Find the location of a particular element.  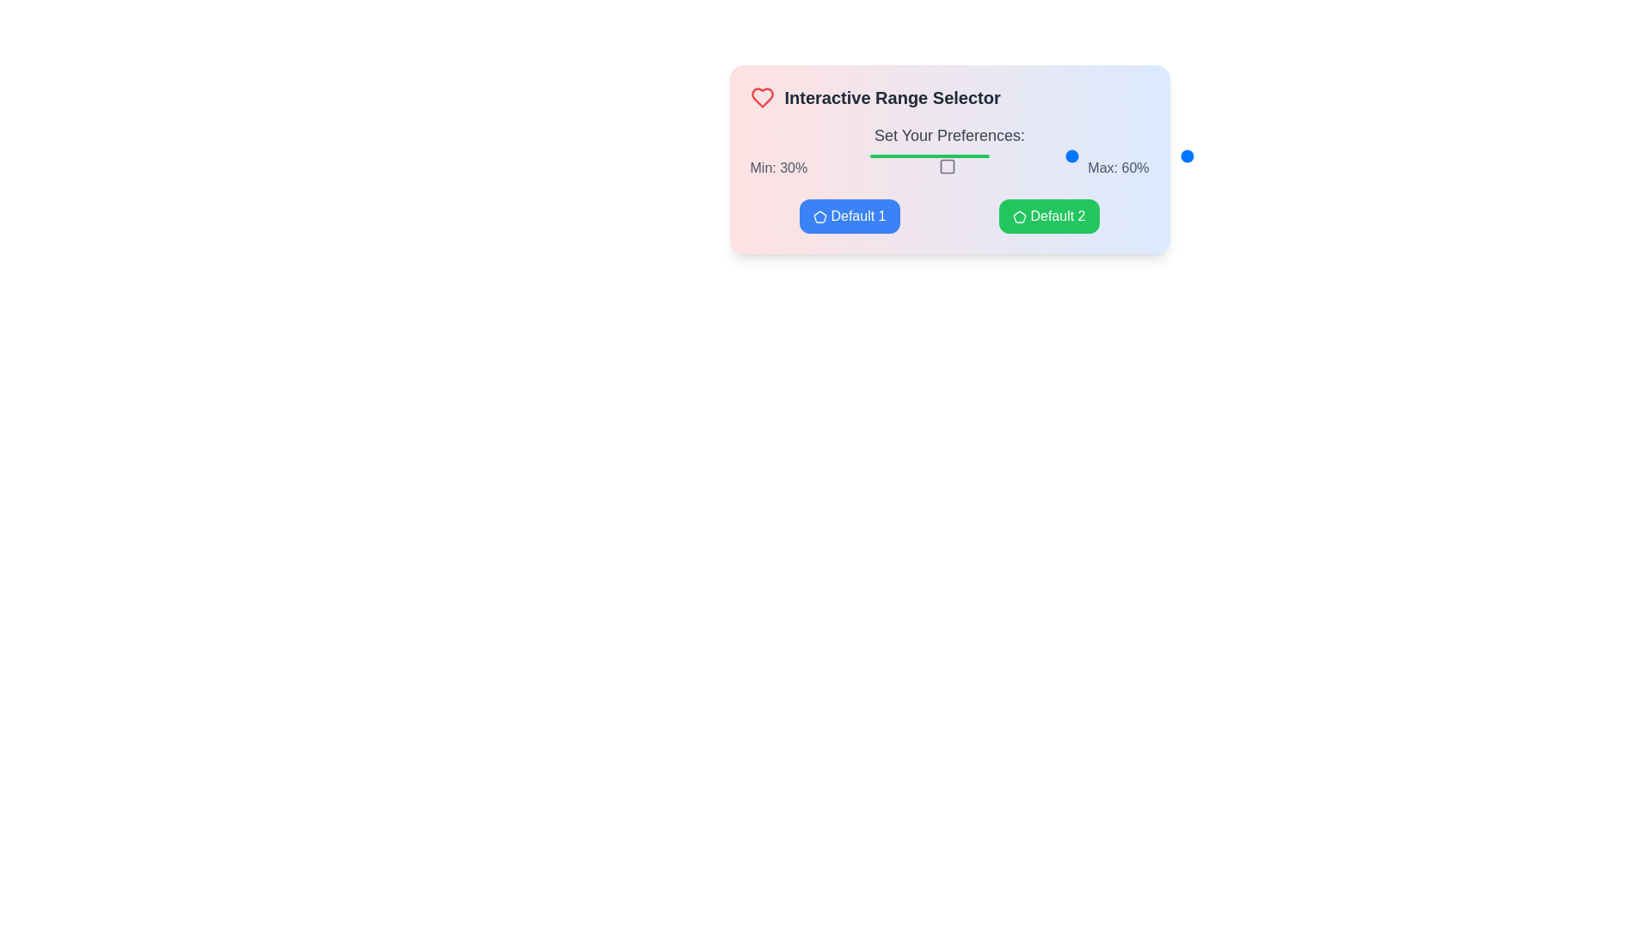

the track of the range slider to move the thumb to the desired position, which is indicated by the horizontal orientation and the presence of 'Min: 30%' and 'Max: 60%' labels is located at coordinates (1149, 156).